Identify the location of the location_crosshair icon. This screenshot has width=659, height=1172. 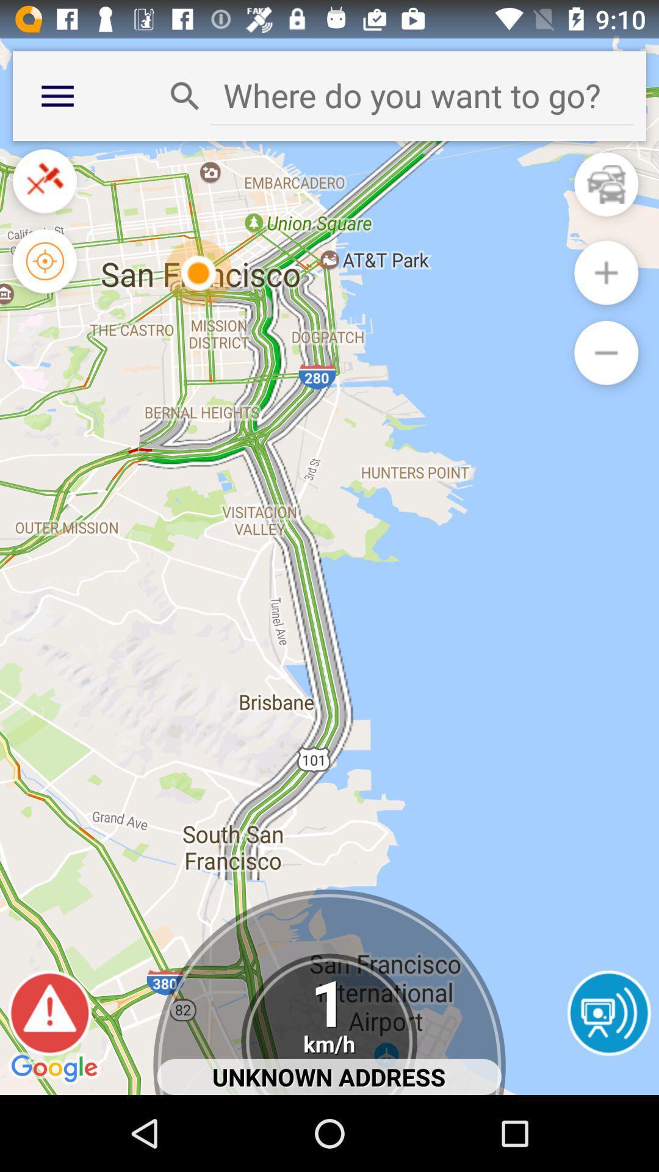
(44, 279).